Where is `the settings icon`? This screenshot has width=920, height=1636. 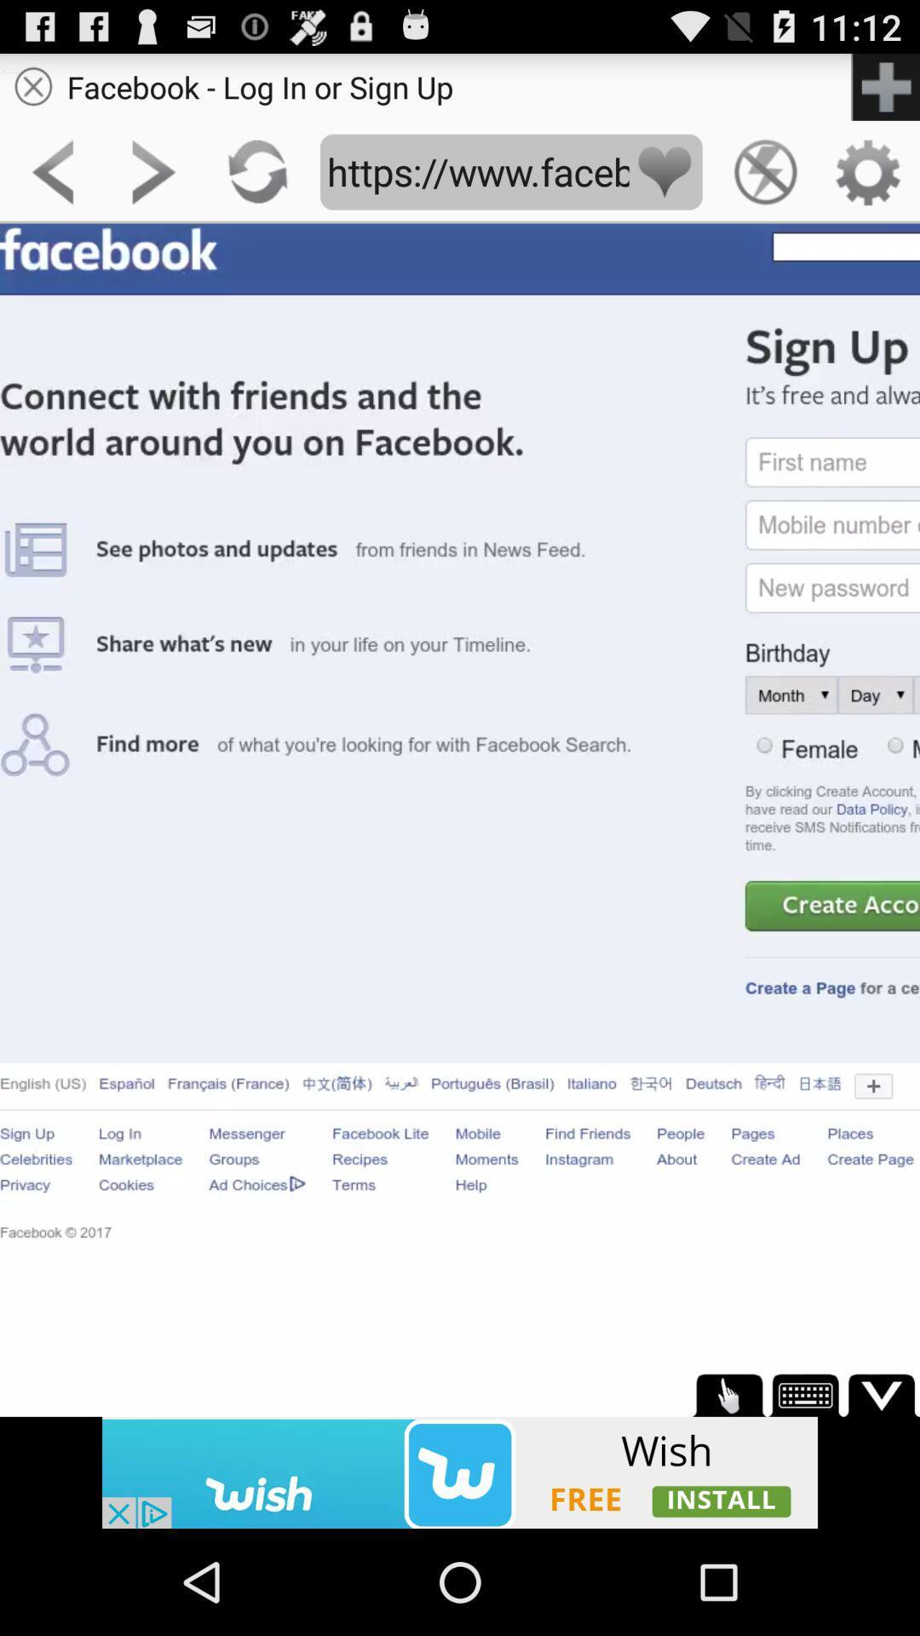
the settings icon is located at coordinates (868, 184).